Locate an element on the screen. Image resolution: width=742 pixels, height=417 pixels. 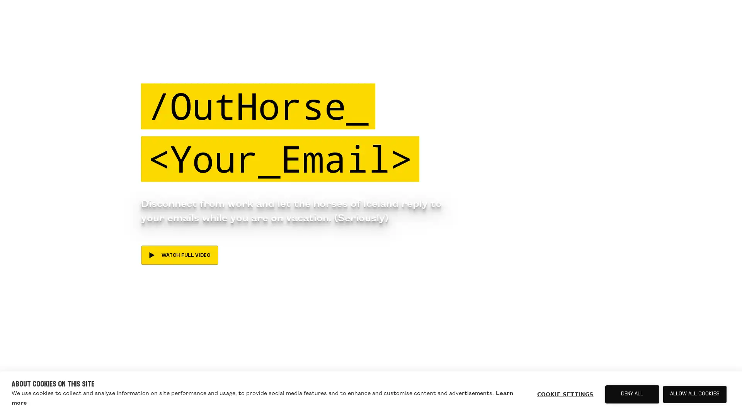
DENY ALL is located at coordinates (632, 394).